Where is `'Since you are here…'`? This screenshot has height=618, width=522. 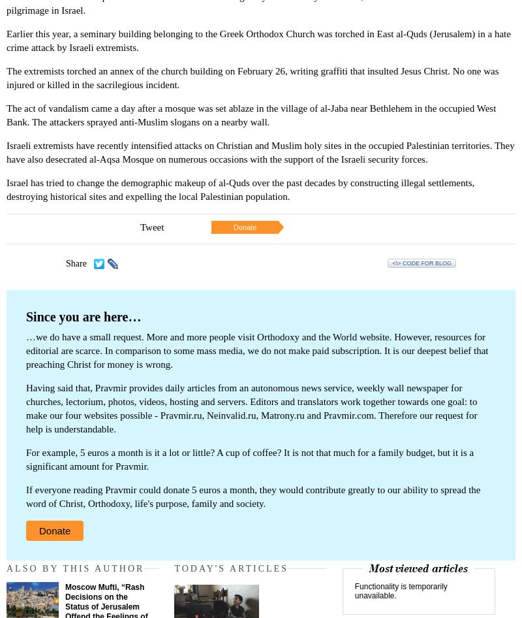 'Since you are here…' is located at coordinates (83, 317).